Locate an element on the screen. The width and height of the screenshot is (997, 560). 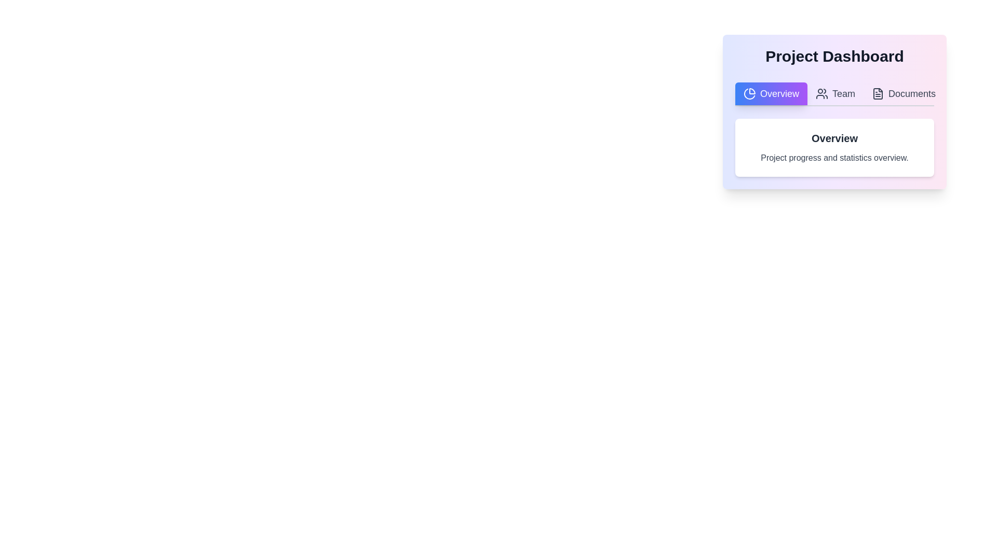
the Team tab to view its content is located at coordinates (835, 94).